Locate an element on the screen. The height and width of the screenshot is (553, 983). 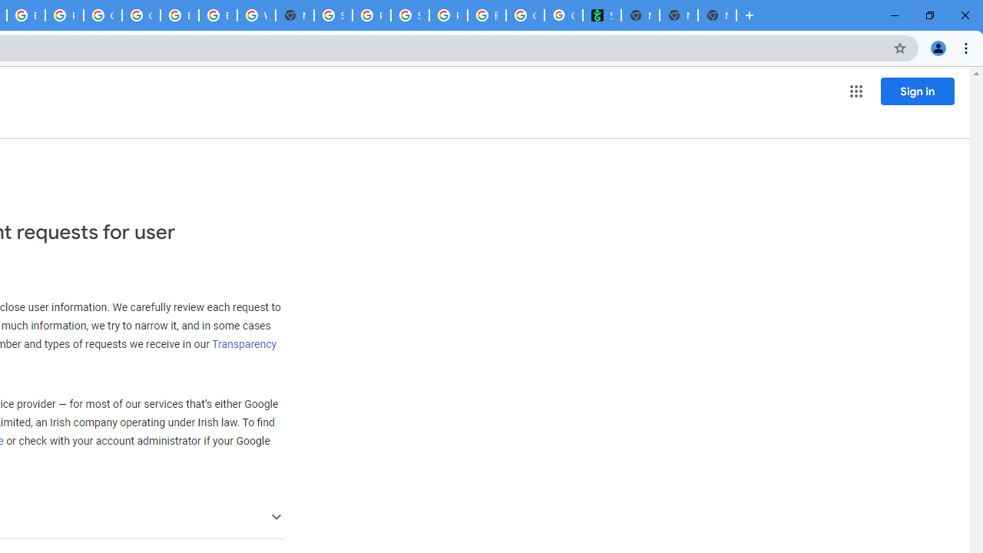
'Browse Chrome as a guest - Computer - Google Chrome Help' is located at coordinates (179, 15).